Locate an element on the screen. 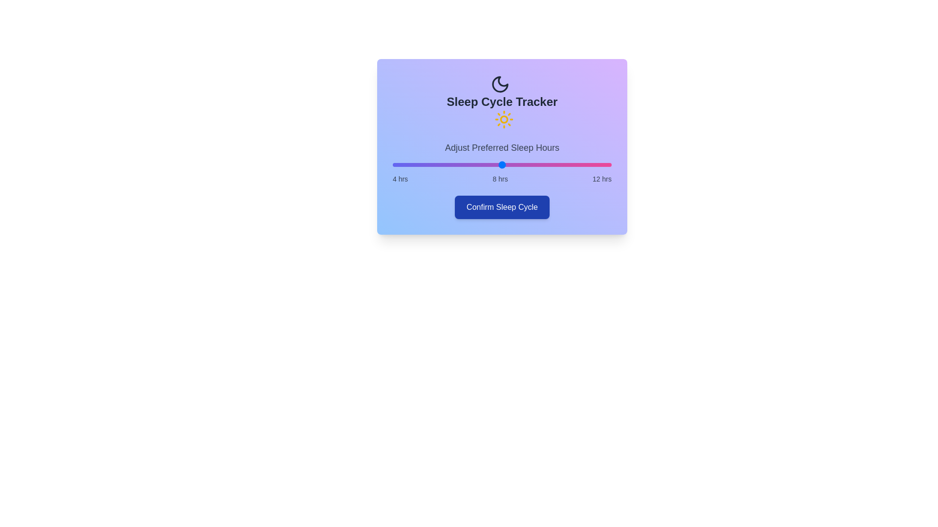  the sleep hours slider to 5 hours is located at coordinates (420, 164).